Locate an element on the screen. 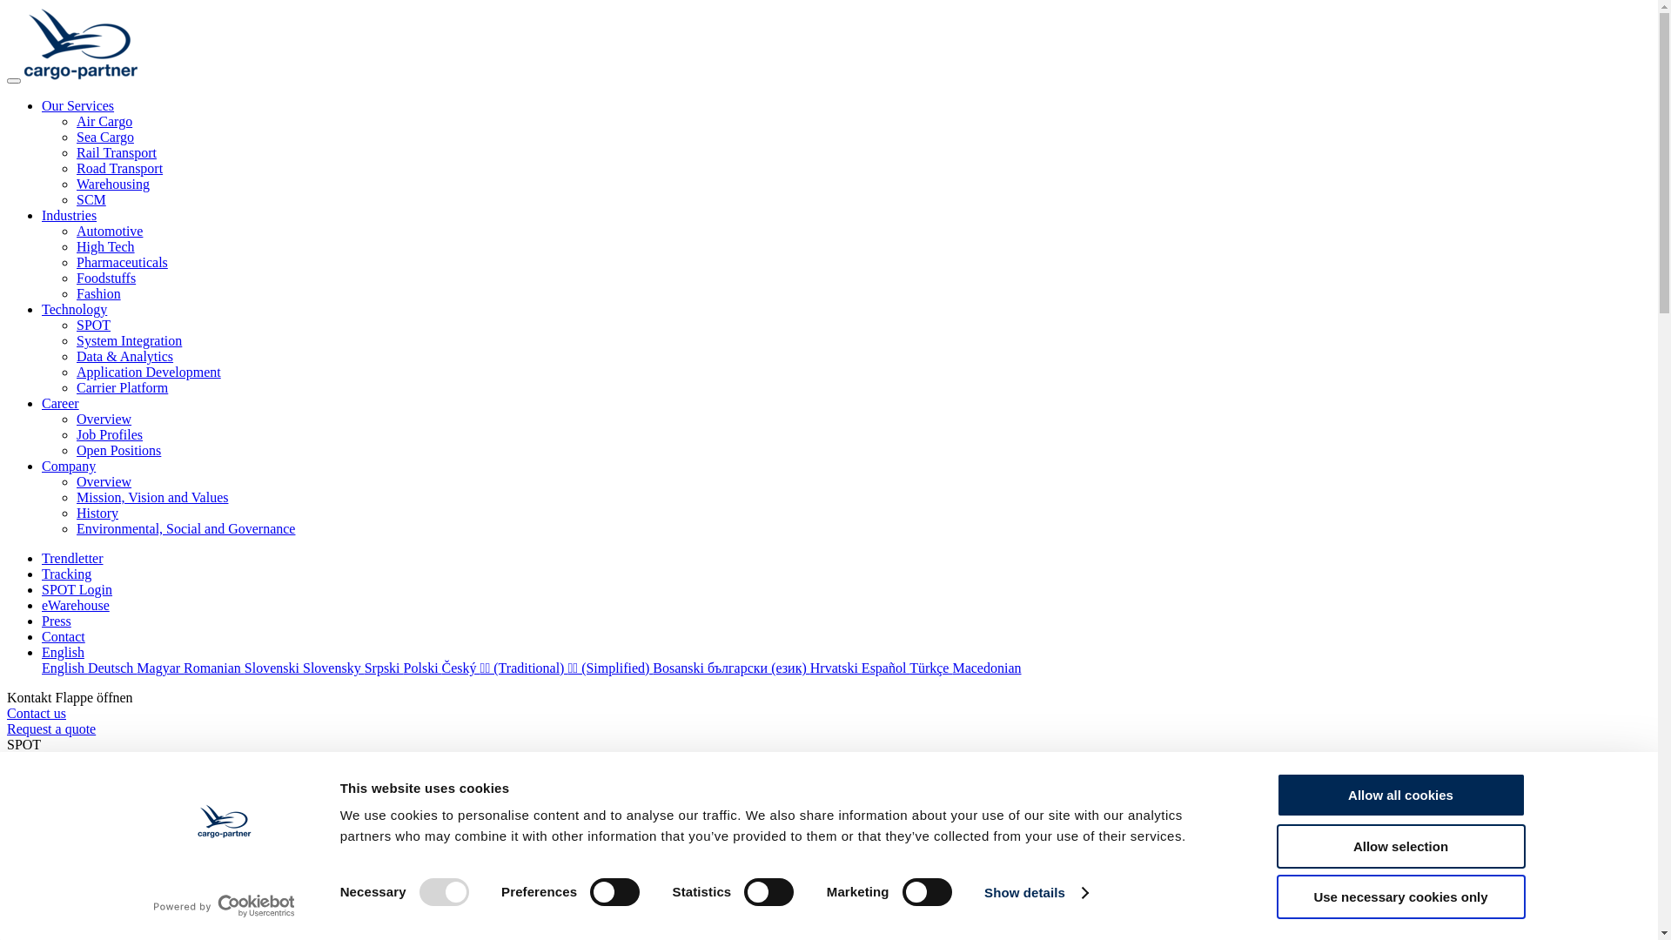  'Contact us' is located at coordinates (37, 713).